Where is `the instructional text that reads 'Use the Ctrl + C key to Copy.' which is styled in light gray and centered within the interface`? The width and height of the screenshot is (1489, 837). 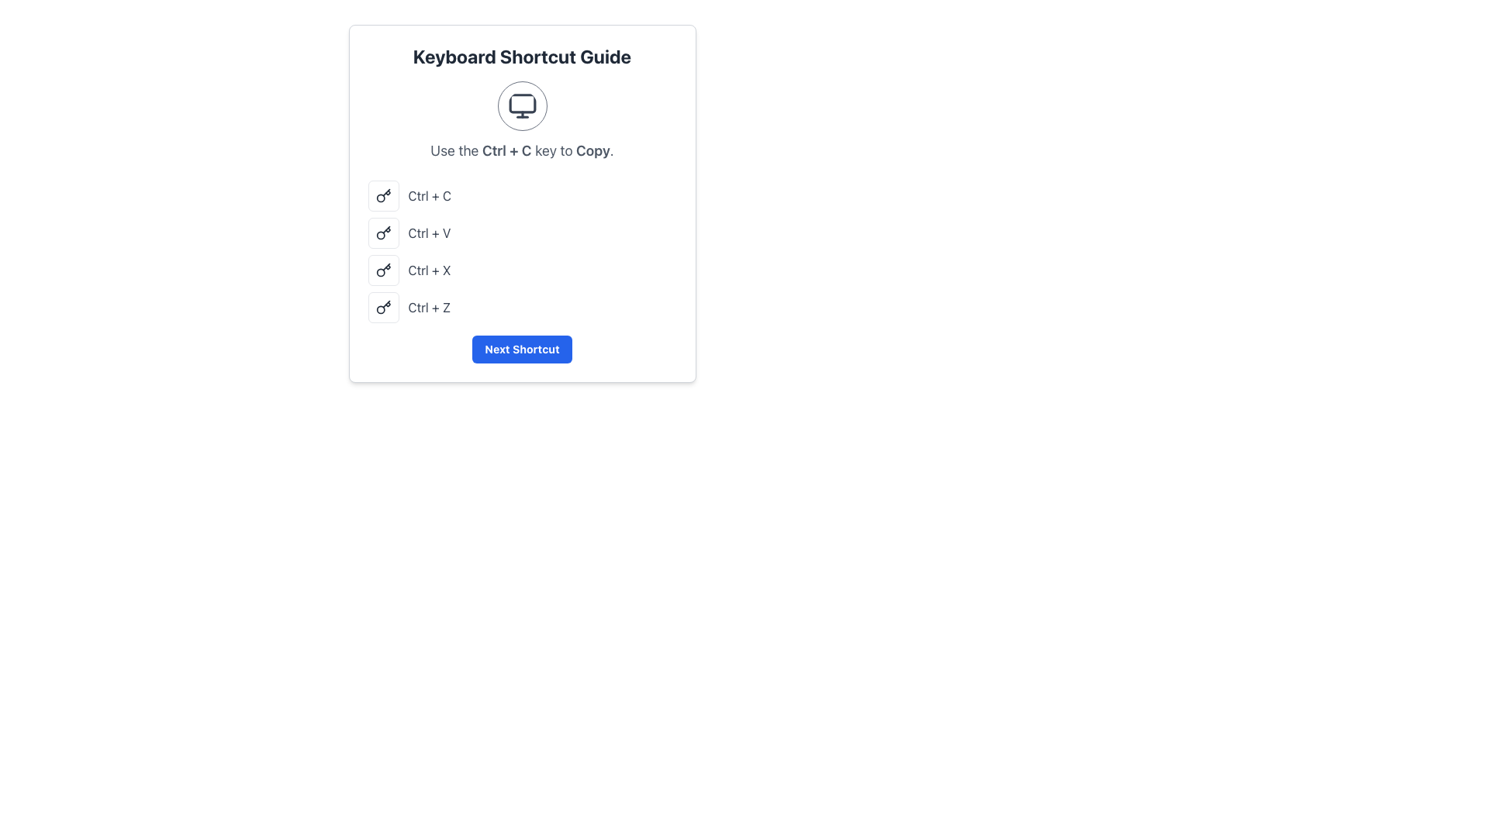
the instructional text that reads 'Use the Ctrl + C key to Copy.' which is styled in light gray and centered within the interface is located at coordinates (522, 151).